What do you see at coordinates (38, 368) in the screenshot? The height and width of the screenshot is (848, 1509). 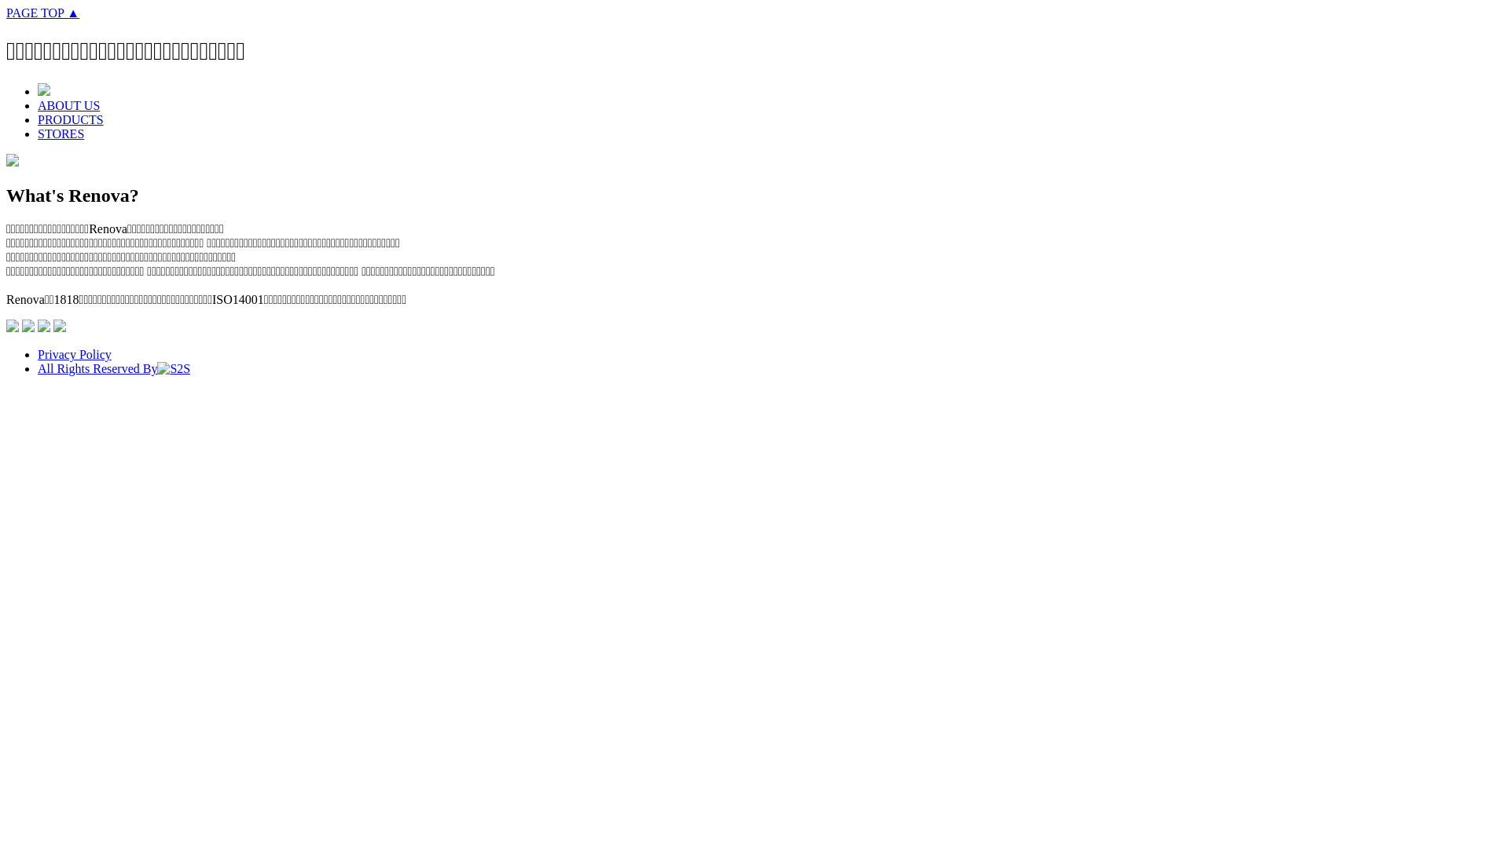 I see `'All Rights Reserved By'` at bounding box center [38, 368].